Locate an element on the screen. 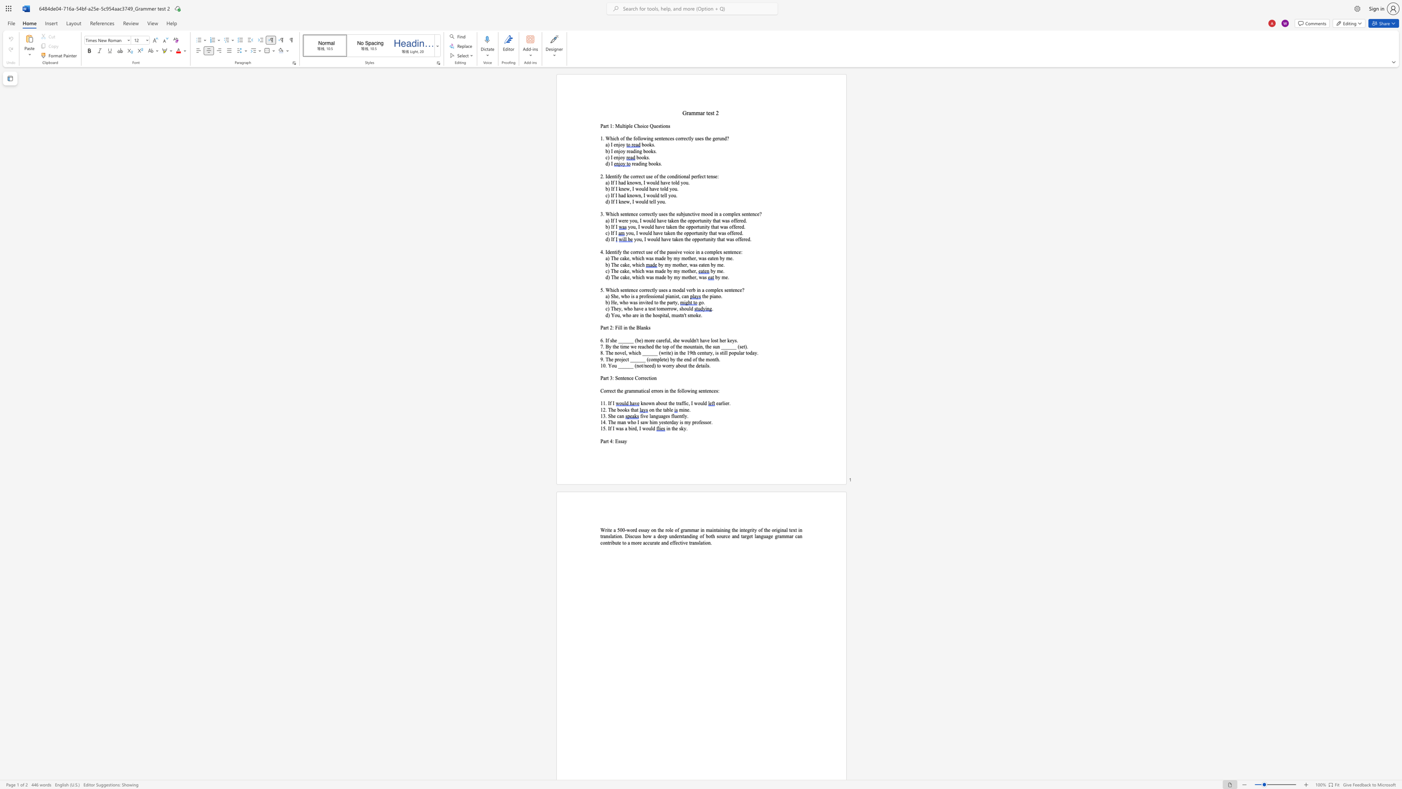  the subset text "orrect use of the conditional" within the text "the correct use of the conditional perfect tense:" is located at coordinates (632, 176).